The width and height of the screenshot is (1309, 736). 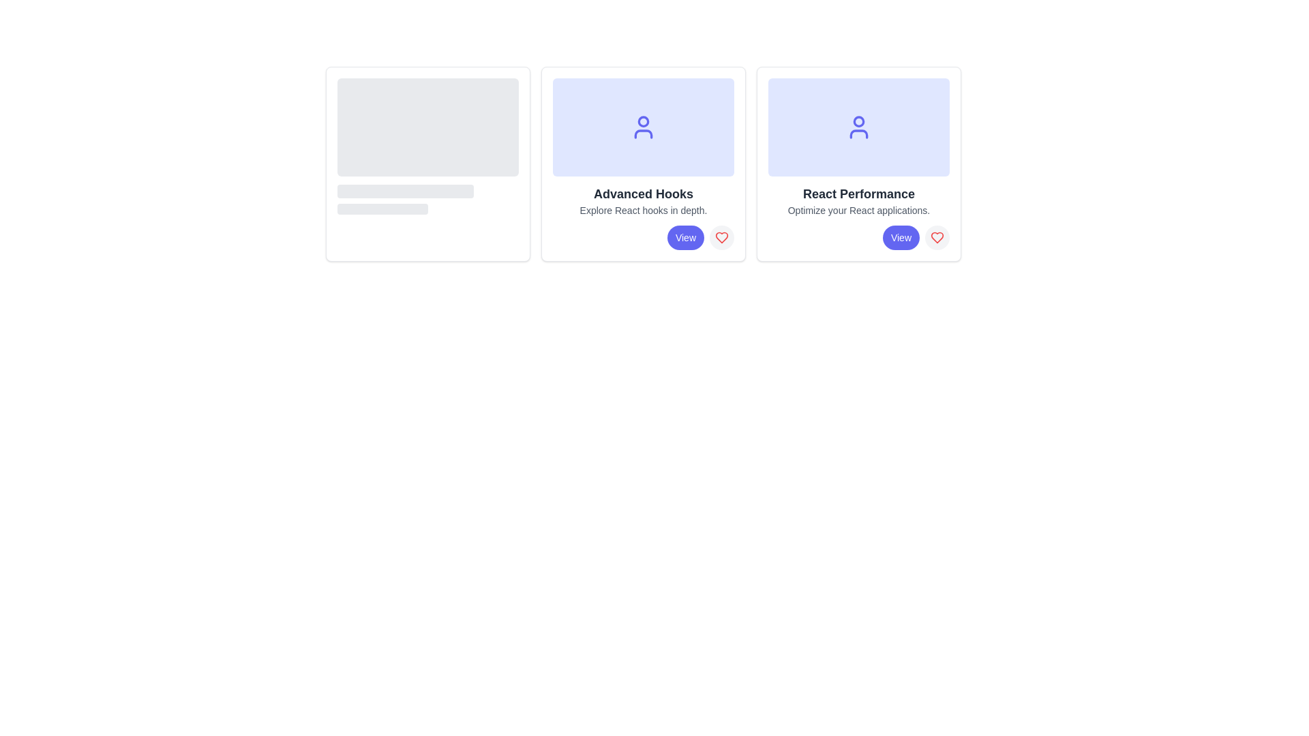 What do you see at coordinates (643, 210) in the screenshot?
I see `the text label displaying 'Explore React hooks in depth.' which is located below the bold heading 'Advanced Hooks' in the card component` at bounding box center [643, 210].